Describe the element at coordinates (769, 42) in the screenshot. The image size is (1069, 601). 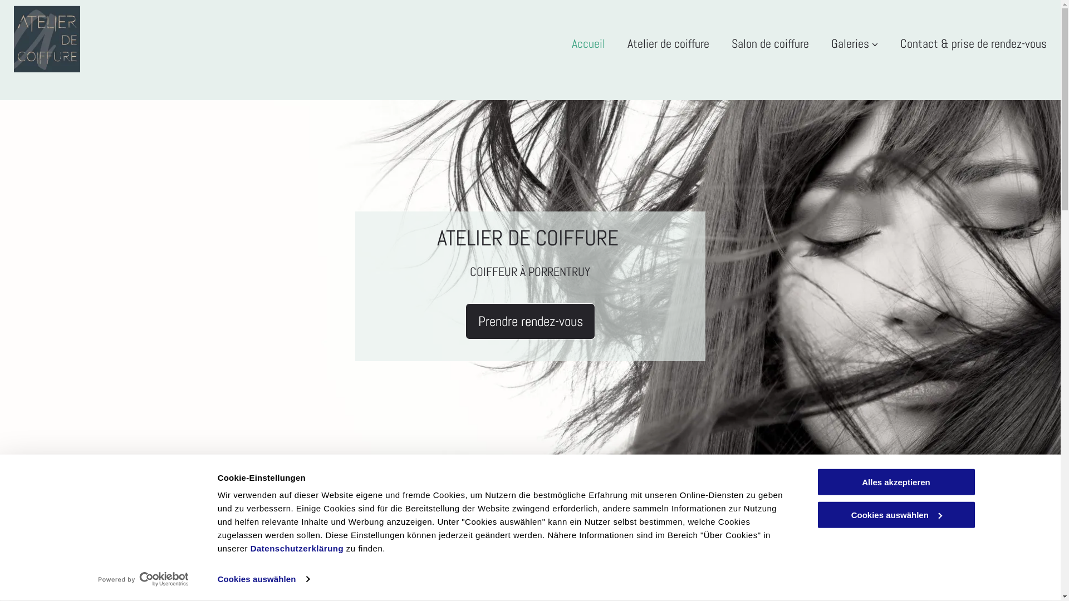
I see `'Salon de coiffure'` at that location.